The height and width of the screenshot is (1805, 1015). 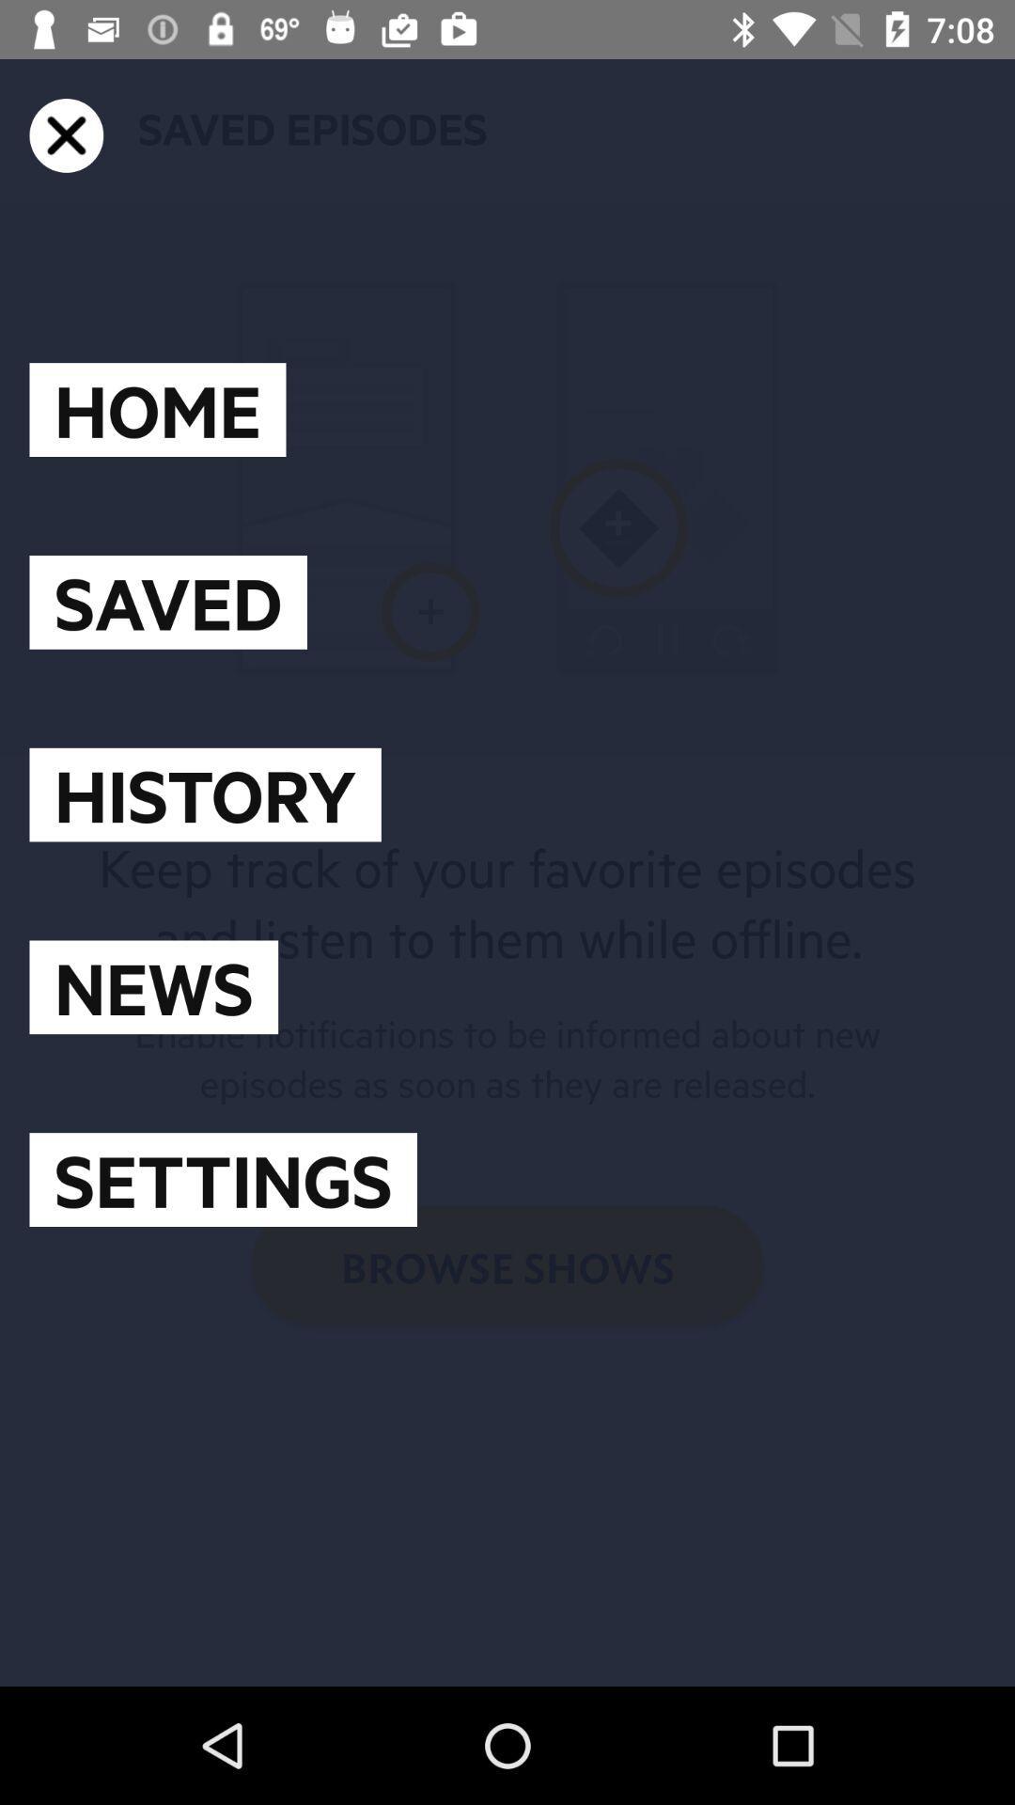 I want to click on news icon, so click(x=152, y=986).